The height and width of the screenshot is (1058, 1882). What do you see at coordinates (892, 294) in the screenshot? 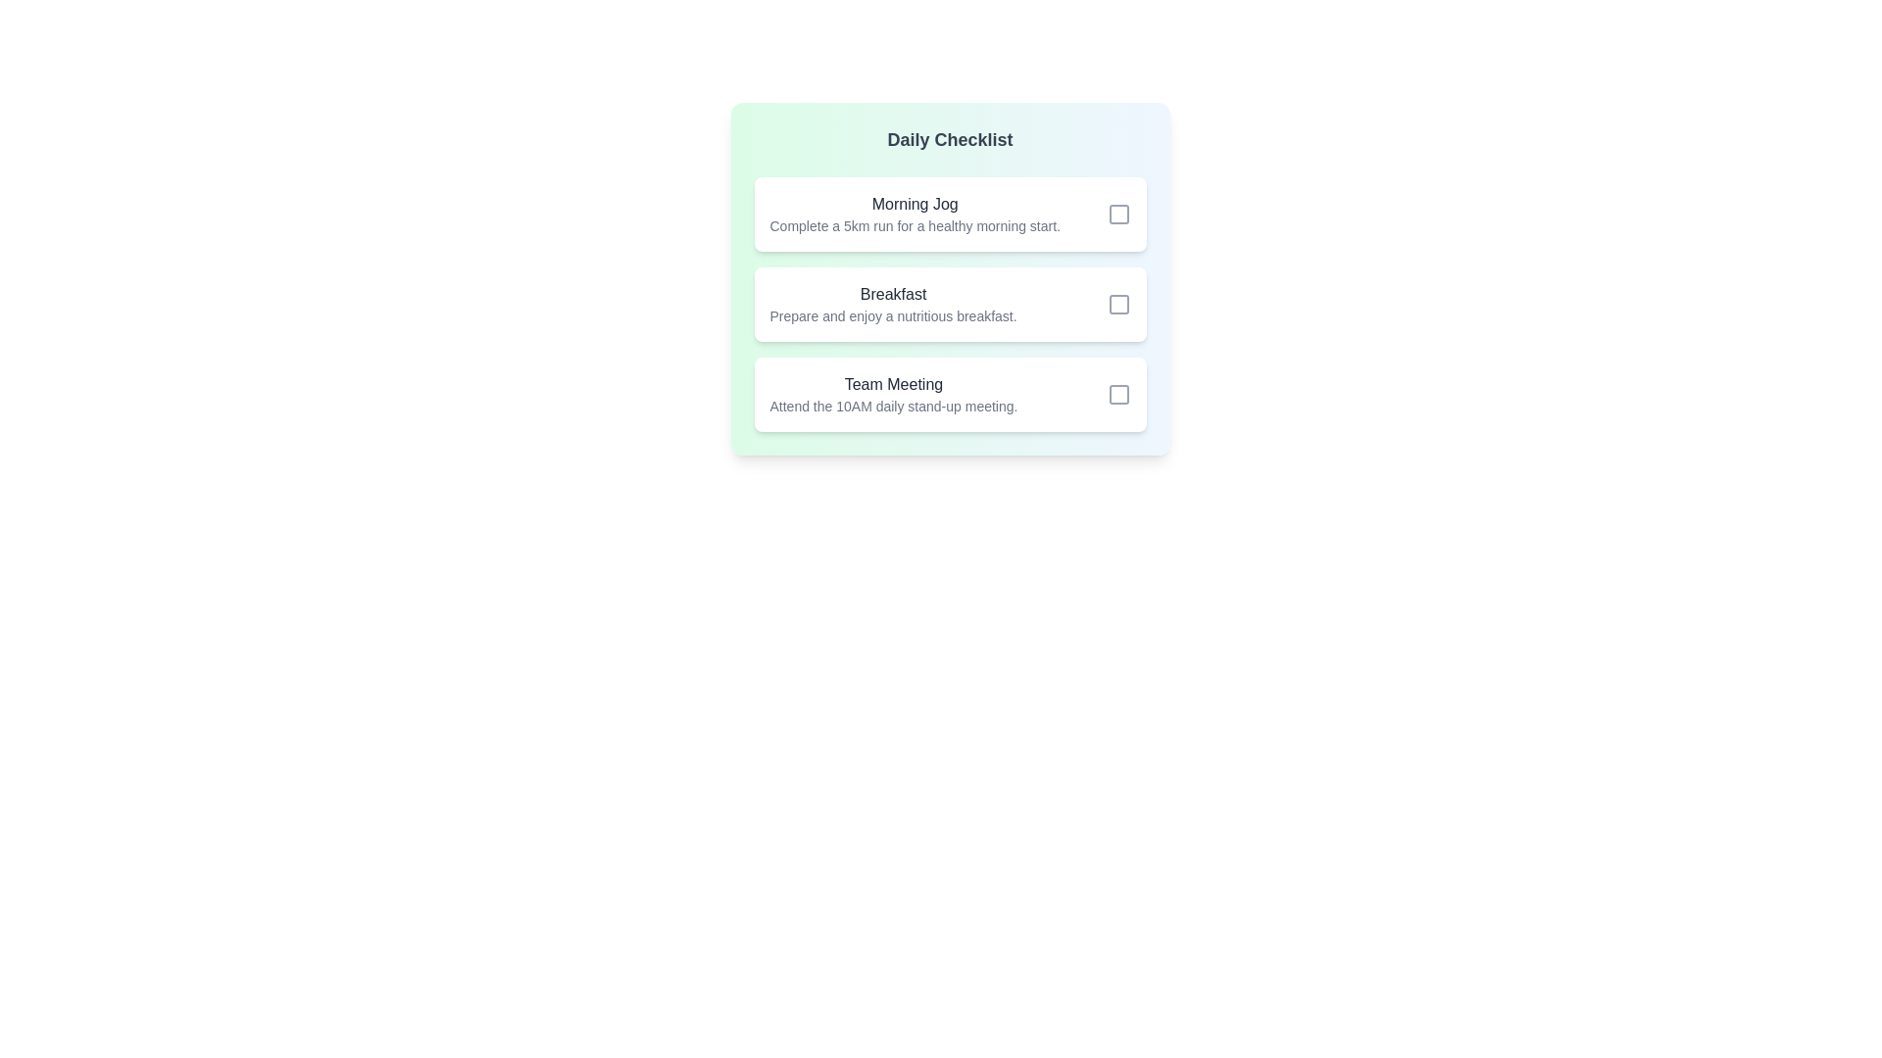
I see `the task titled Breakfast to view its description` at bounding box center [892, 294].